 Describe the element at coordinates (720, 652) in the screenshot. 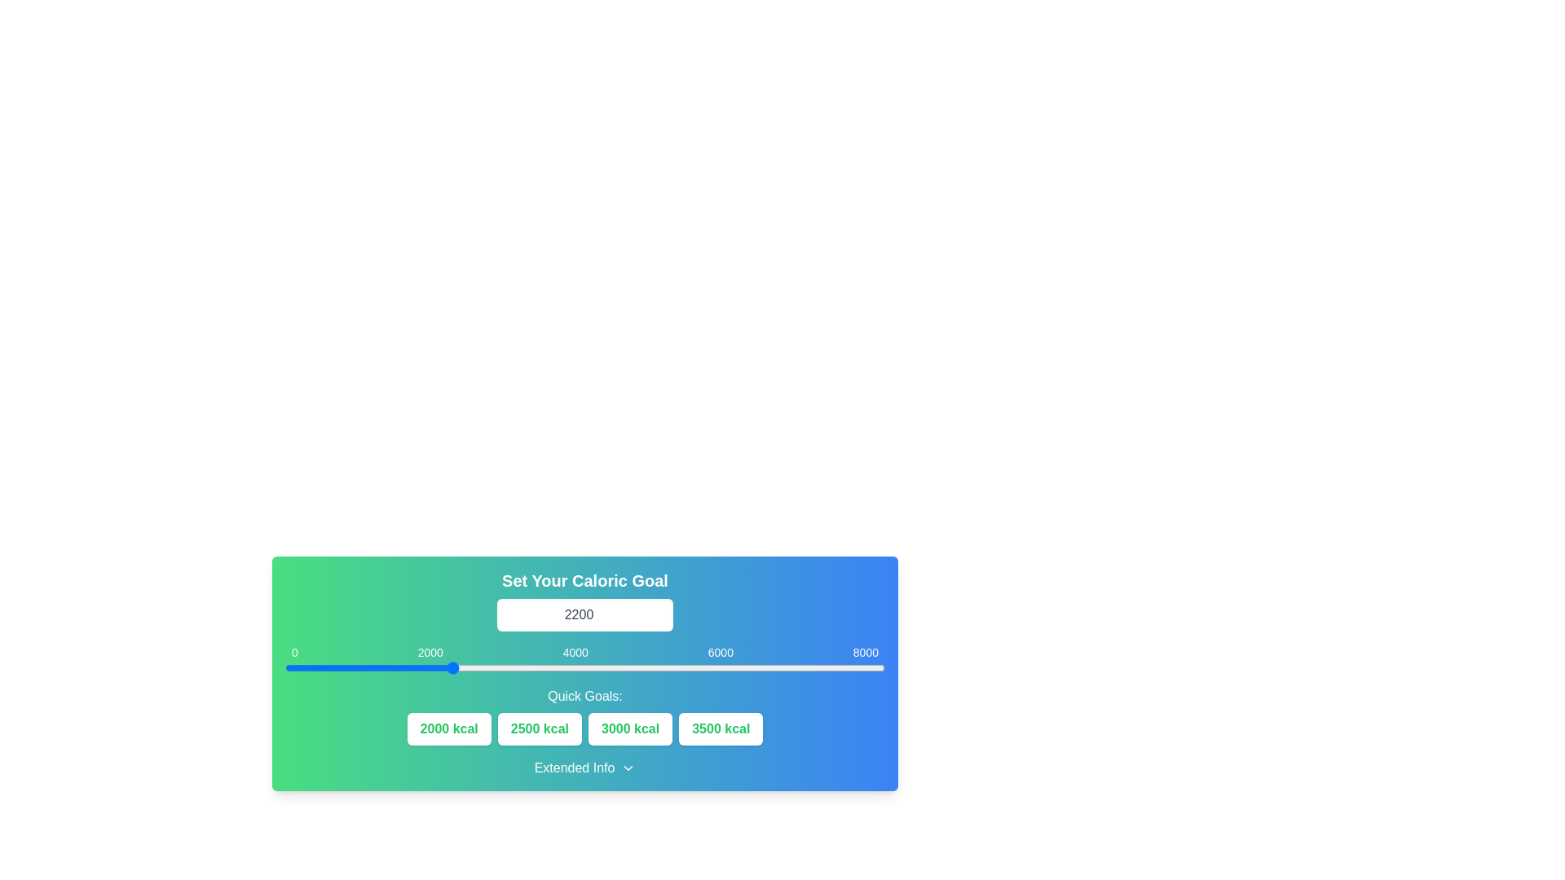

I see `the text label displaying the number '6000', which is the fourth label in a series of numeric labels indicating caloric values, styled with white text on a blue background` at that location.